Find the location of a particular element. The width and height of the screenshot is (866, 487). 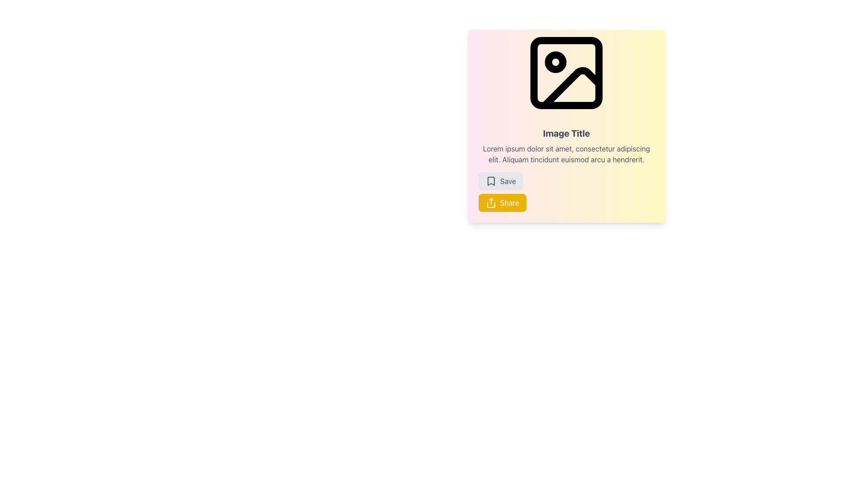

the decorative icon positioned at the top center of the card, above the 'Image Title' text is located at coordinates (566, 73).